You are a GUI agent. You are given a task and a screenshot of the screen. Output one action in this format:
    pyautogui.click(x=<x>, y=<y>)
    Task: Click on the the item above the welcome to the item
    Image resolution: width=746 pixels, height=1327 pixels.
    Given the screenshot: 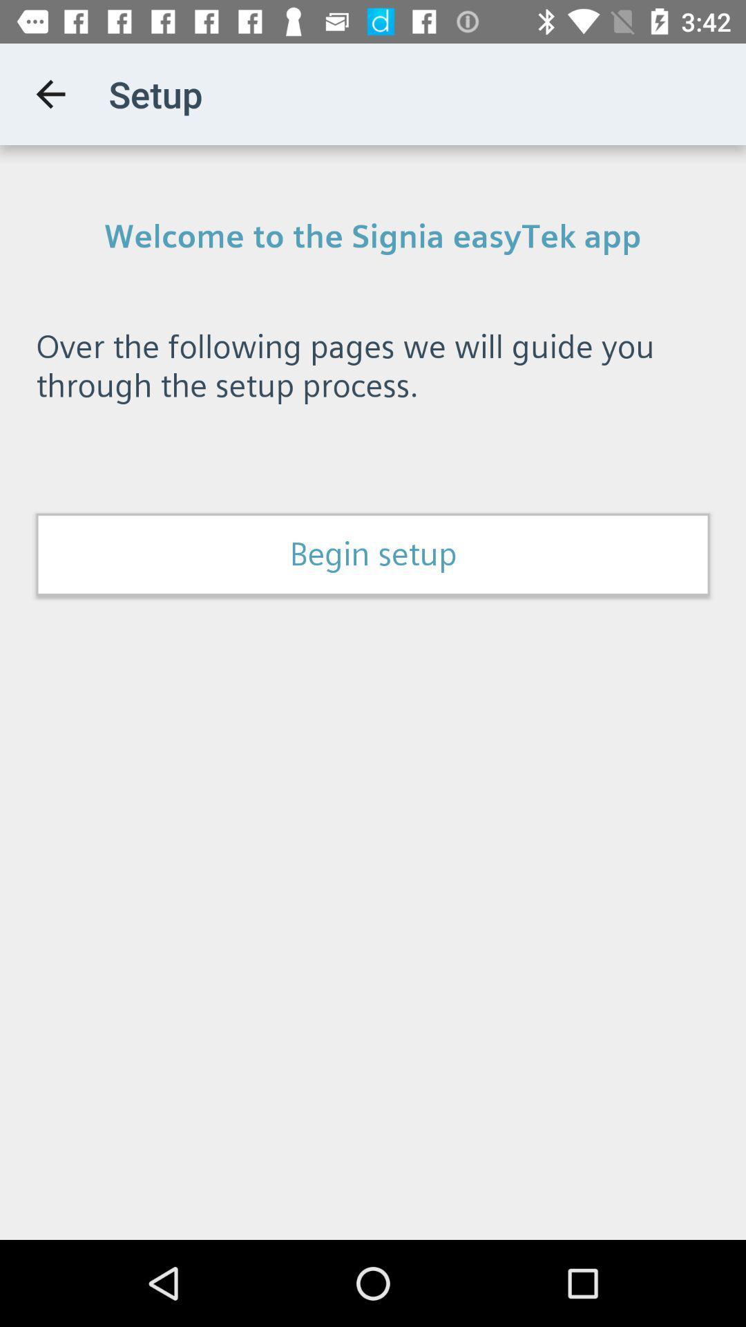 What is the action you would take?
    pyautogui.click(x=50, y=93)
    